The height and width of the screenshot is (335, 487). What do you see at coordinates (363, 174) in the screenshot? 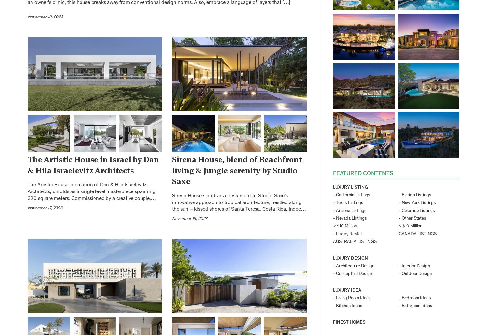
I see `'Featured Contents'` at bounding box center [363, 174].